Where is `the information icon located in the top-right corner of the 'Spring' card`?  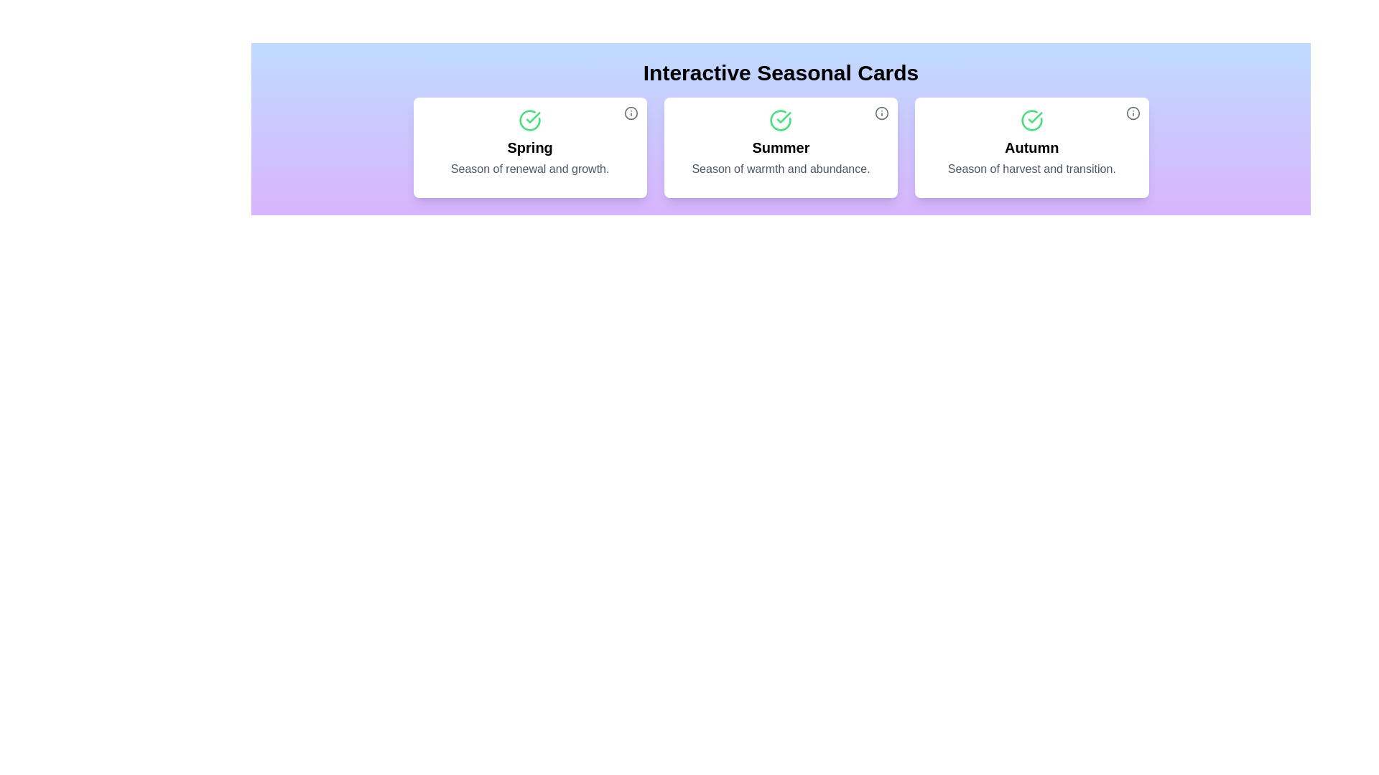 the information icon located in the top-right corner of the 'Spring' card is located at coordinates (631, 113).